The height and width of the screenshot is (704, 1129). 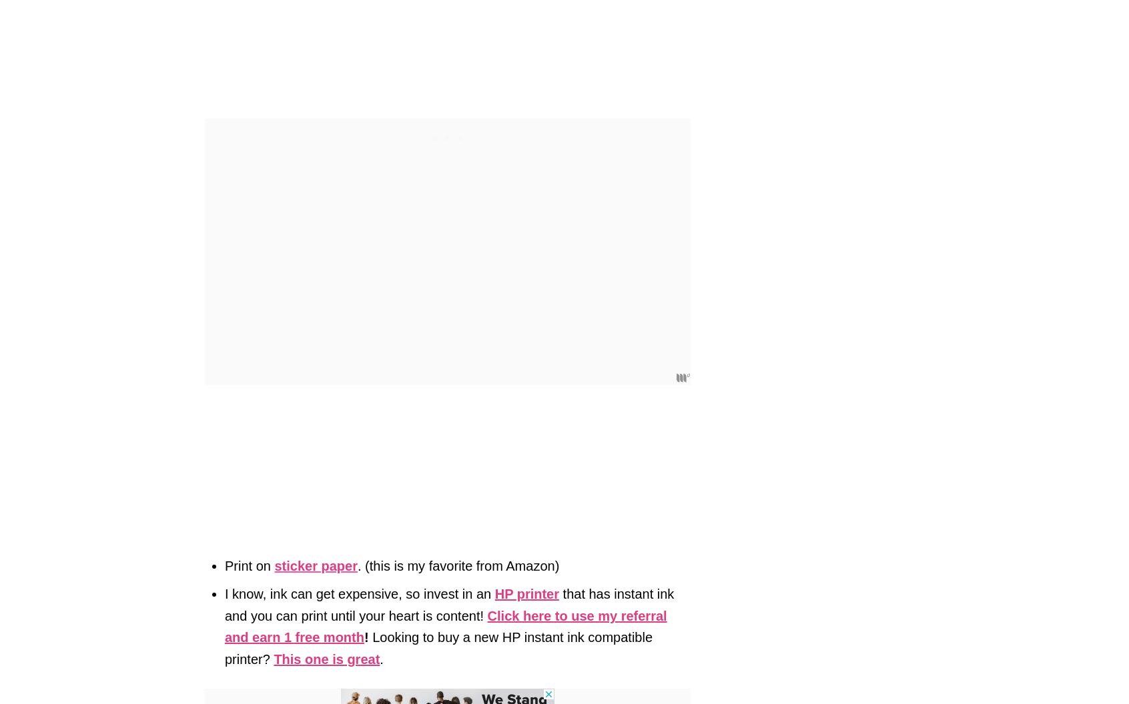 What do you see at coordinates (366, 637) in the screenshot?
I see `'!'` at bounding box center [366, 637].